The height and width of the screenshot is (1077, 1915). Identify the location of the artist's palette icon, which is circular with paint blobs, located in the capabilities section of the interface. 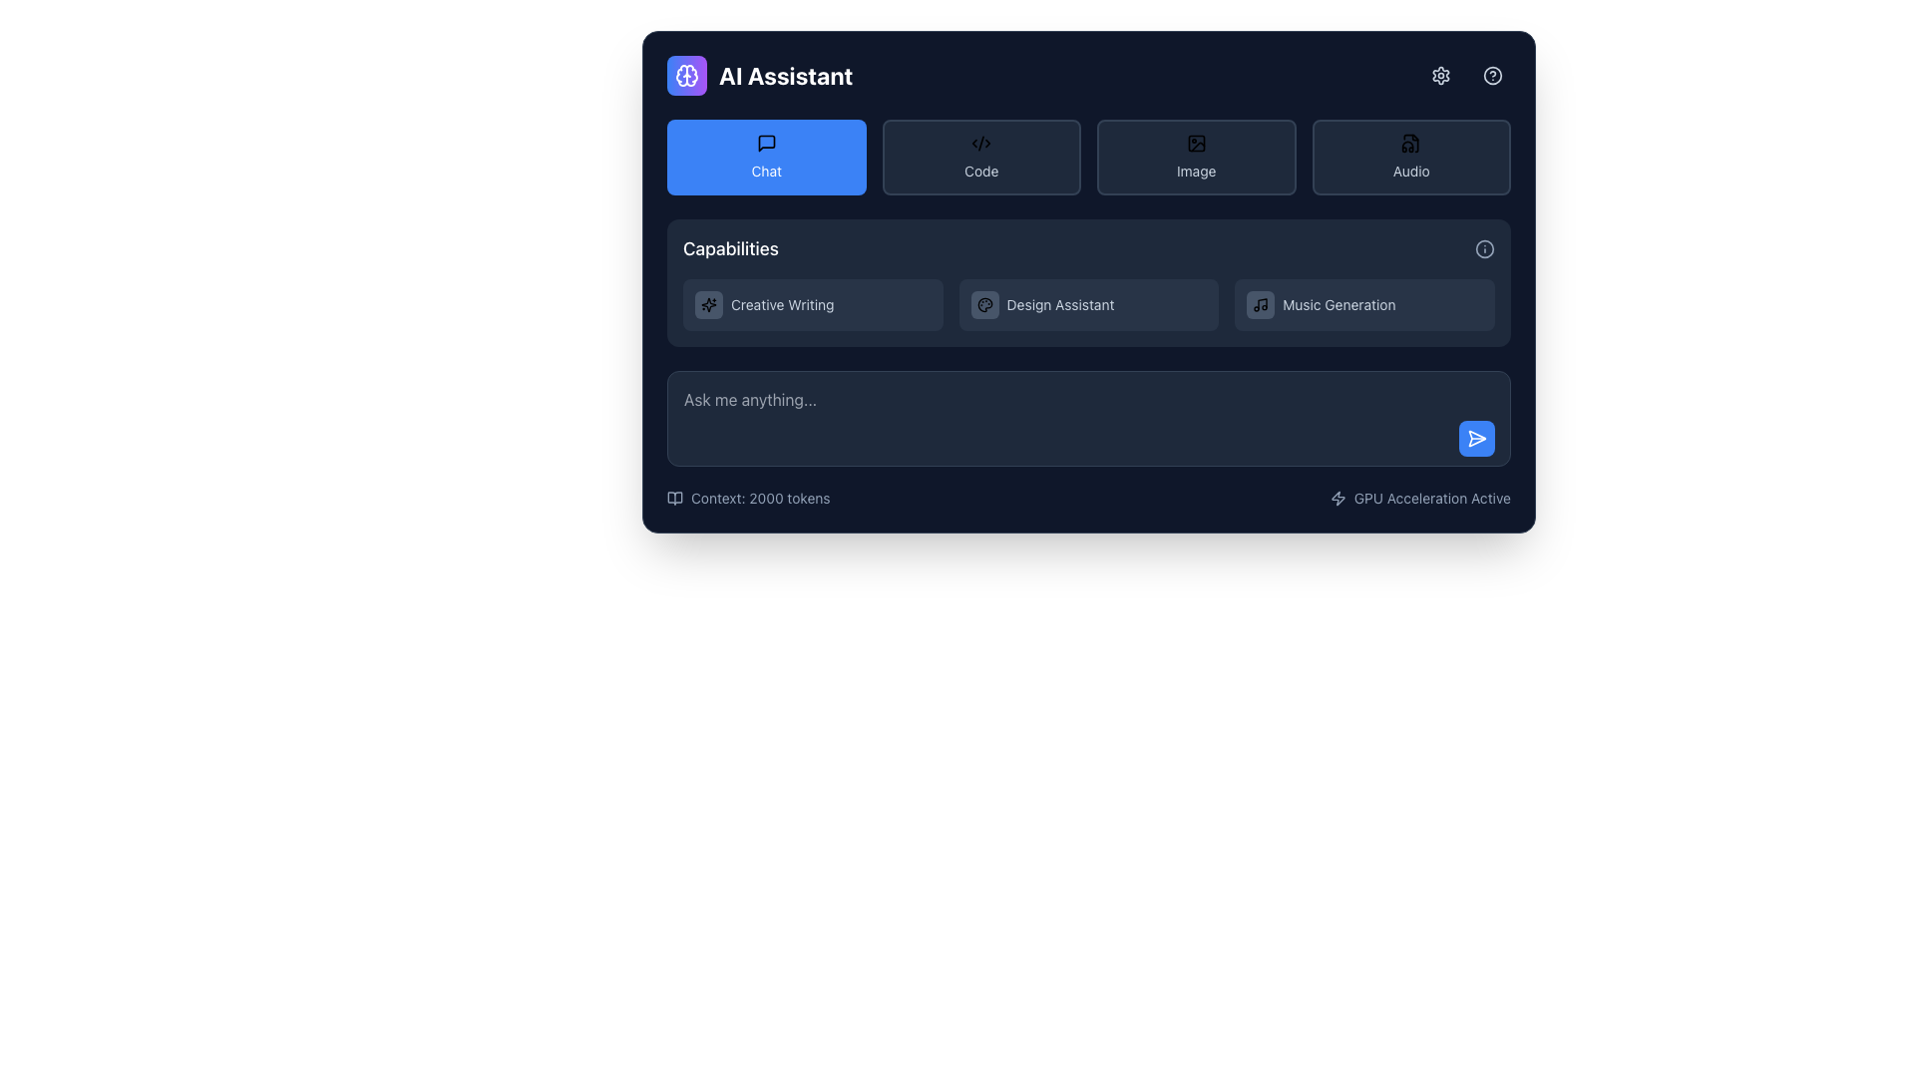
(984, 304).